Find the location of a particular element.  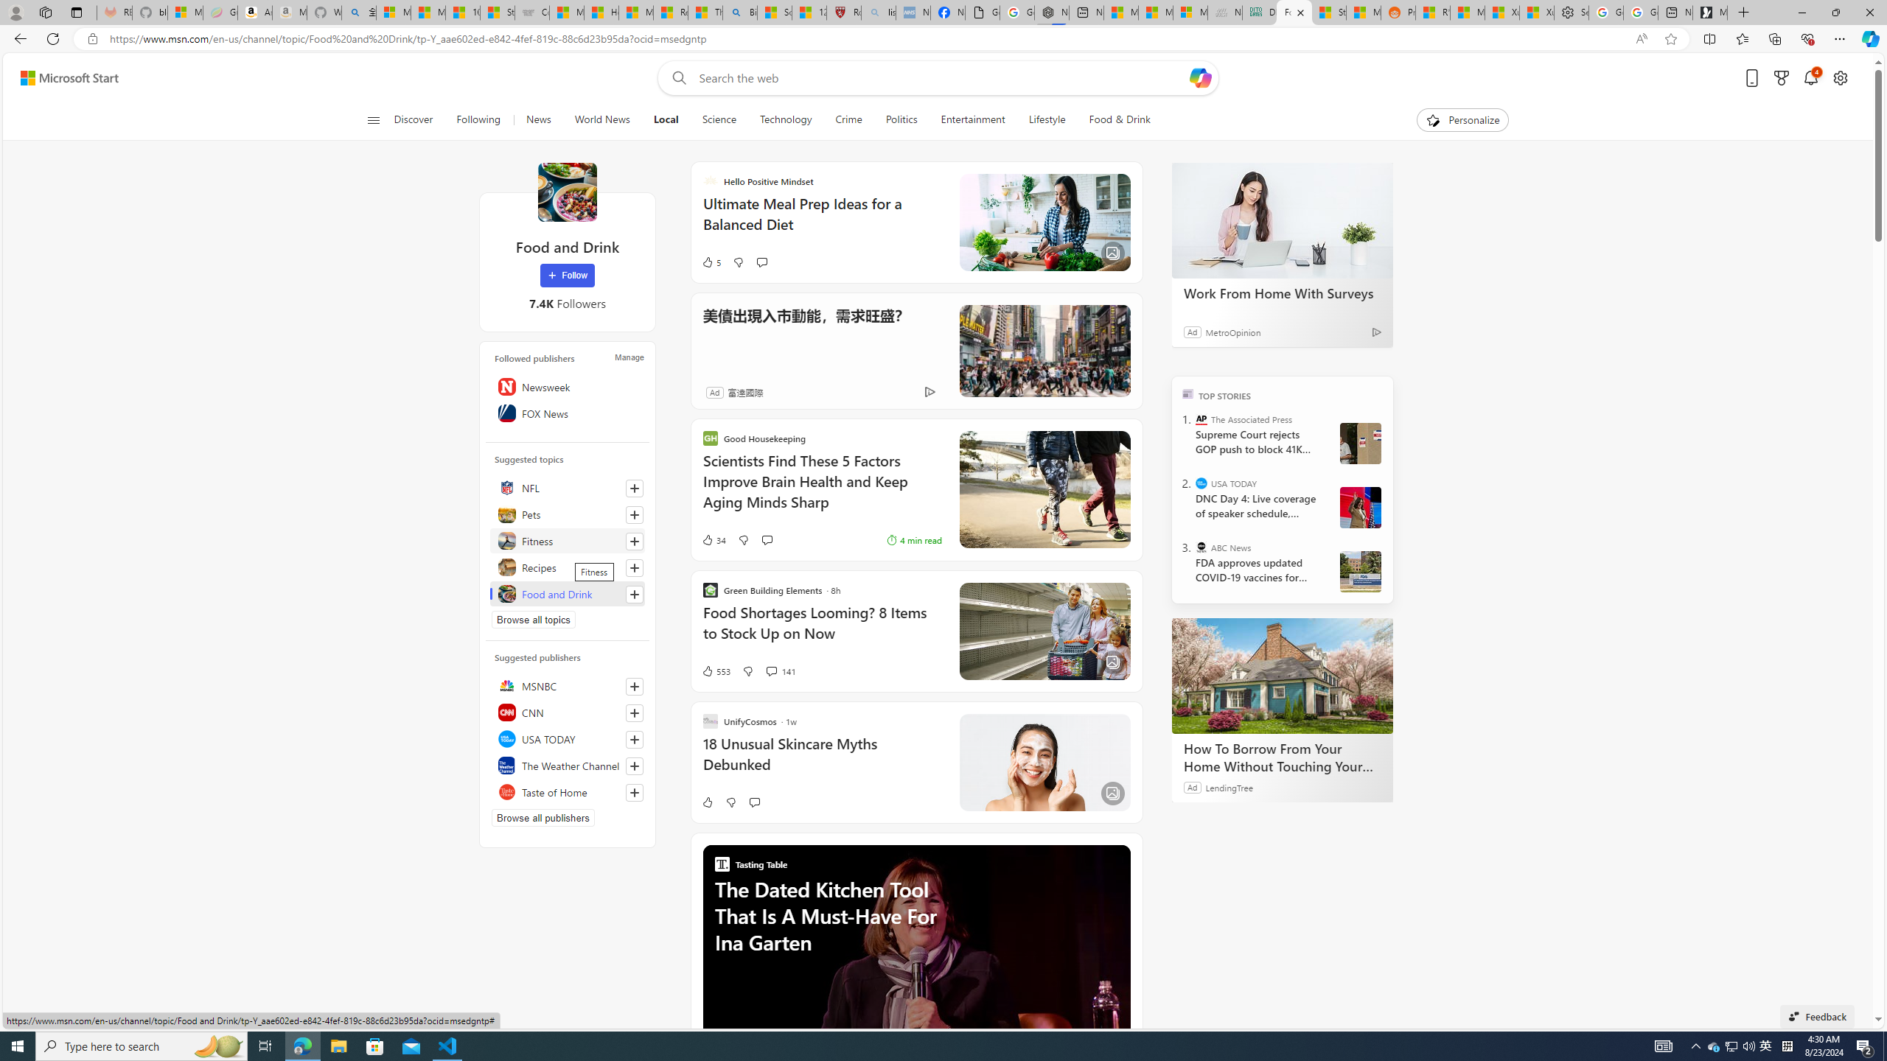

'Follow this source' is located at coordinates (634, 793).